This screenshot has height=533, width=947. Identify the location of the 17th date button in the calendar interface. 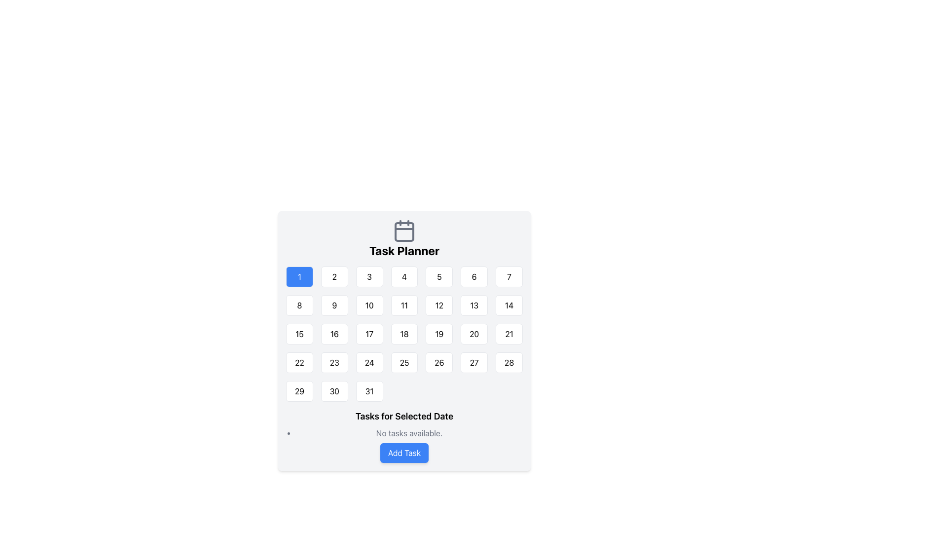
(369, 334).